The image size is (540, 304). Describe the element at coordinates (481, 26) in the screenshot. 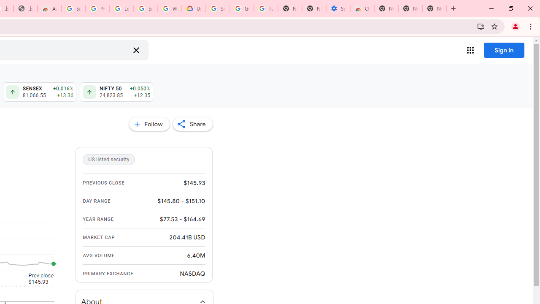

I see `'Install Google Finance'` at that location.